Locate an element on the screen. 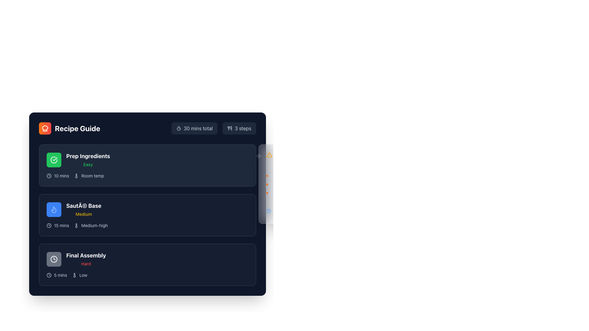 Image resolution: width=589 pixels, height=331 pixels. the visual cue represented by the checkmark icon in the 'Prep Ingredients' section, indicating a completed state is located at coordinates (55, 159).